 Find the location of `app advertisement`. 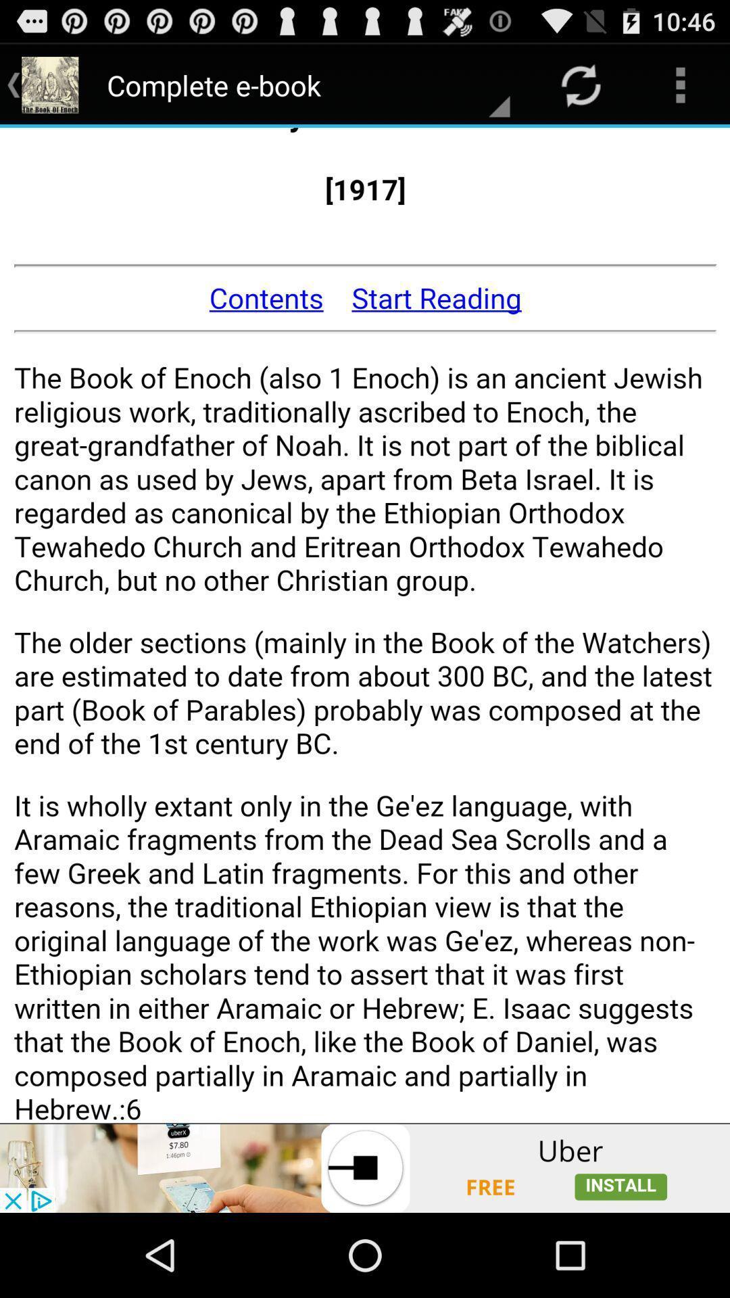

app advertisement is located at coordinates (365, 1168).